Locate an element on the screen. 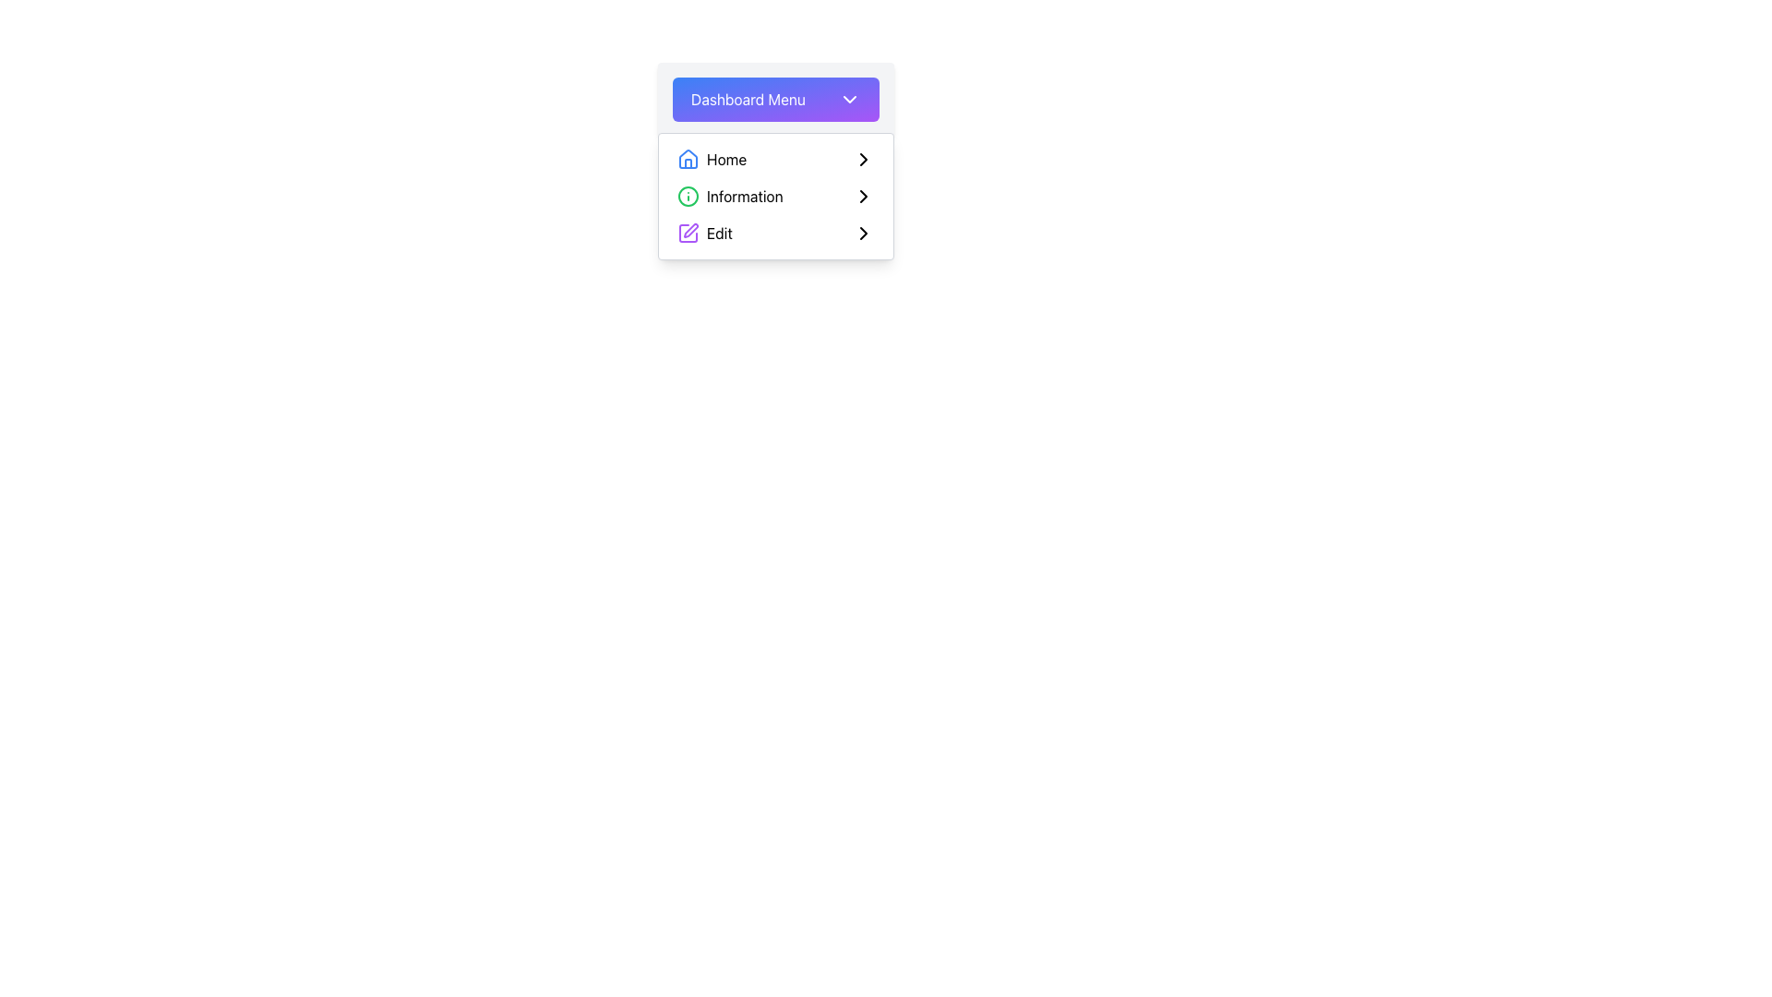 This screenshot has height=997, width=1772. the 'Edit' action icon in the dropdown menu, located to the left of the 'Edit' menu option, which is the third item in the vertical dropdown menu is located at coordinates (689, 230).